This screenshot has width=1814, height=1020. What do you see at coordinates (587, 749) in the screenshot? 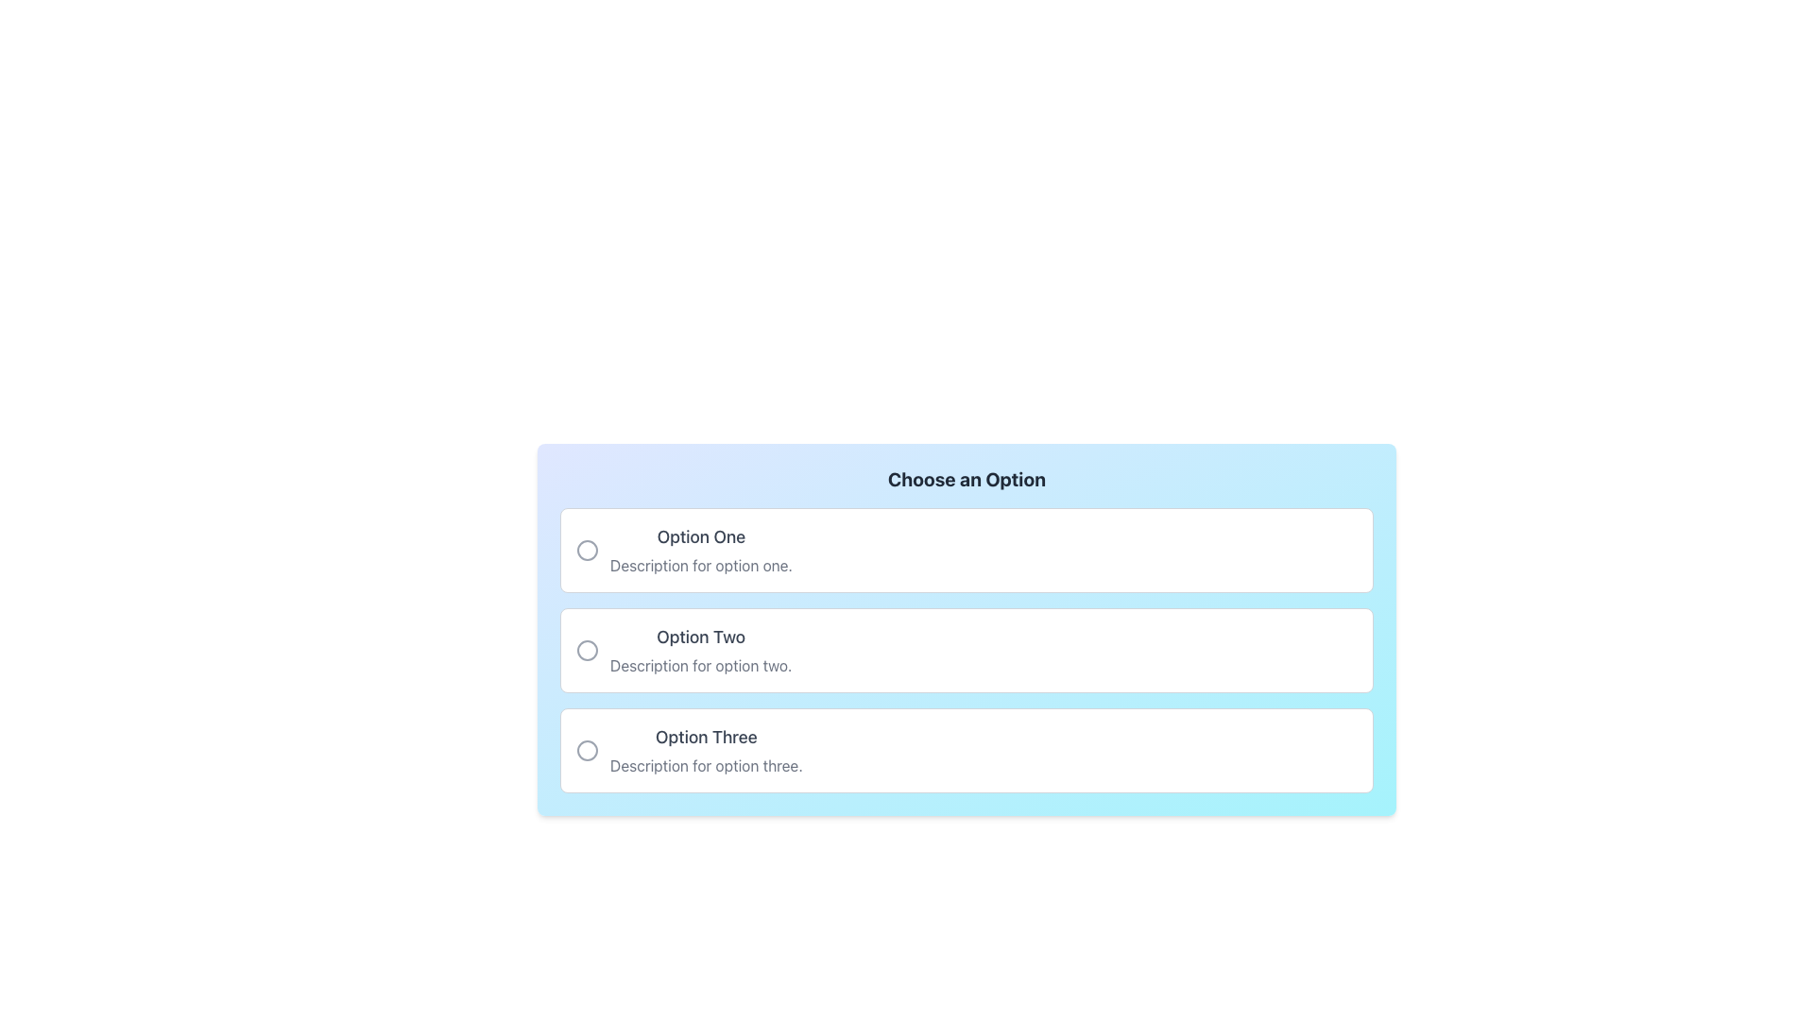
I see `the circular radio button icon that is part of the 'Option Three' row` at bounding box center [587, 749].